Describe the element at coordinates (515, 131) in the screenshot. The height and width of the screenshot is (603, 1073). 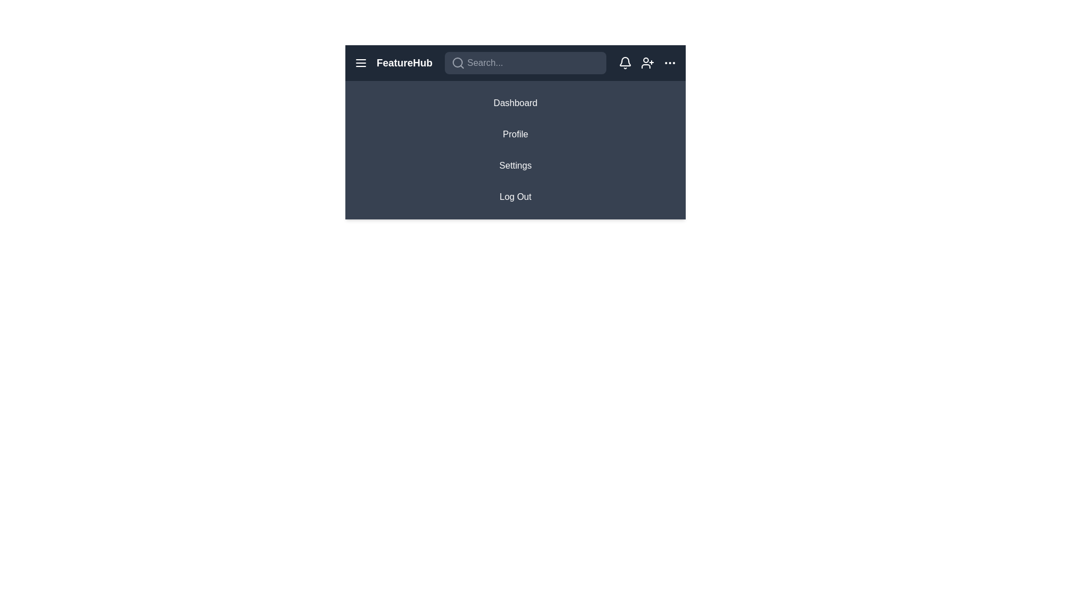
I see `the second item in the vertical list of options, which is the 'Profile' navigation link` at that location.